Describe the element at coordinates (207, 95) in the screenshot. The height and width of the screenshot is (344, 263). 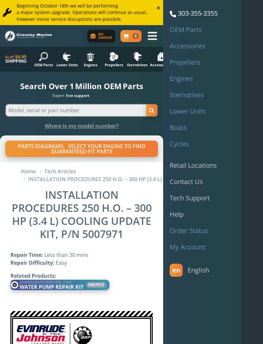
I see `'50+ years'` at that location.